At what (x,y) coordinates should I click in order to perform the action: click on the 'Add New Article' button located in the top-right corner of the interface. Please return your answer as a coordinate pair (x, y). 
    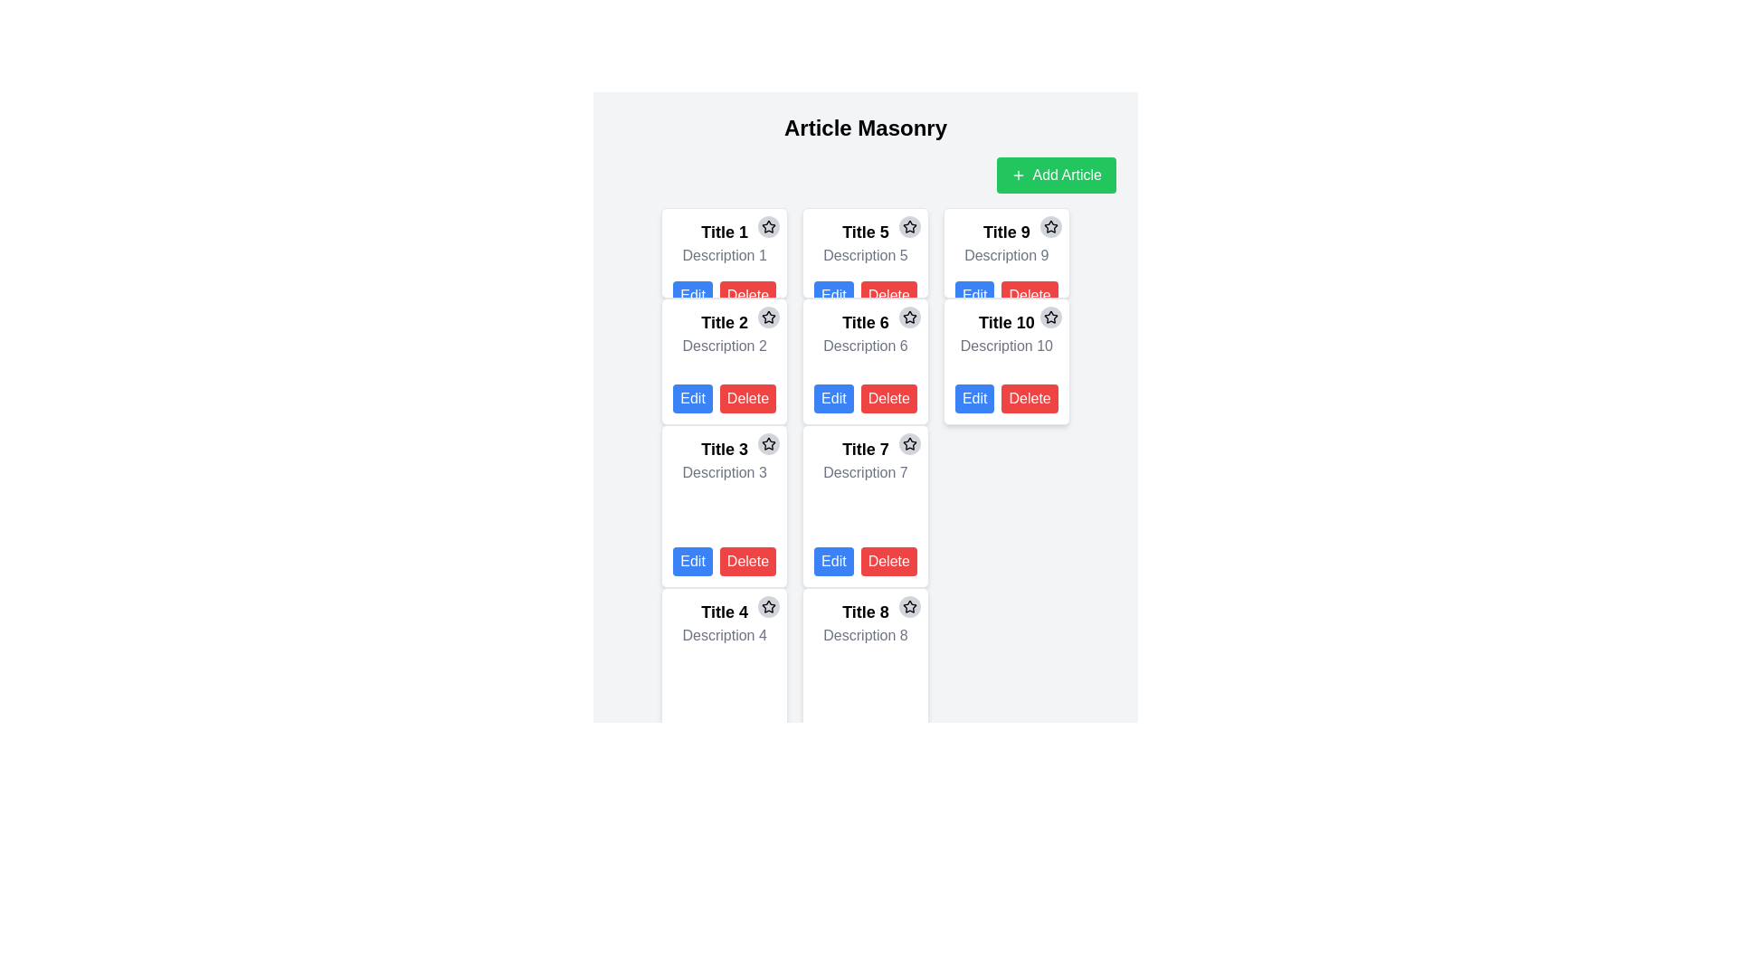
    Looking at the image, I should click on (1056, 175).